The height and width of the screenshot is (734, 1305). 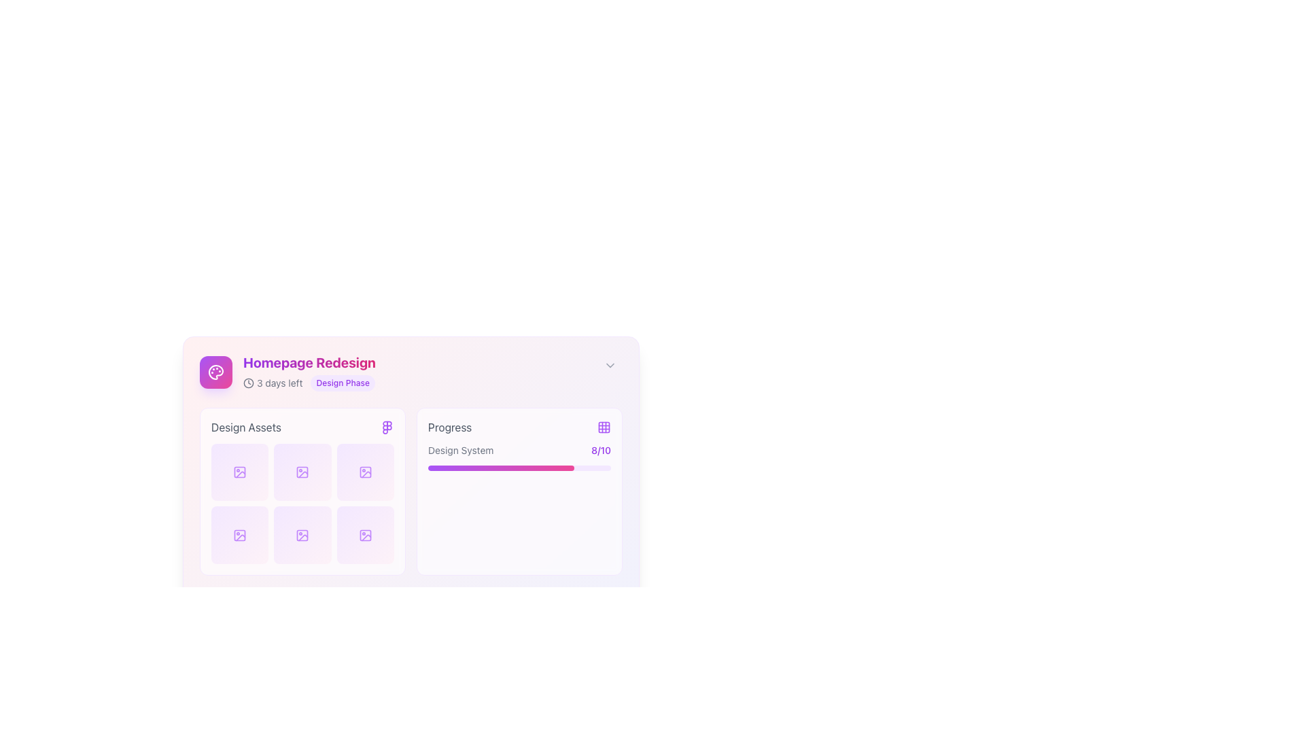 What do you see at coordinates (302, 534) in the screenshot?
I see `the icon embedded in the tile that has a gradient-filled background transitioning from light purple to pink, located in the bottom middle position of the 'Design Assets' section` at bounding box center [302, 534].